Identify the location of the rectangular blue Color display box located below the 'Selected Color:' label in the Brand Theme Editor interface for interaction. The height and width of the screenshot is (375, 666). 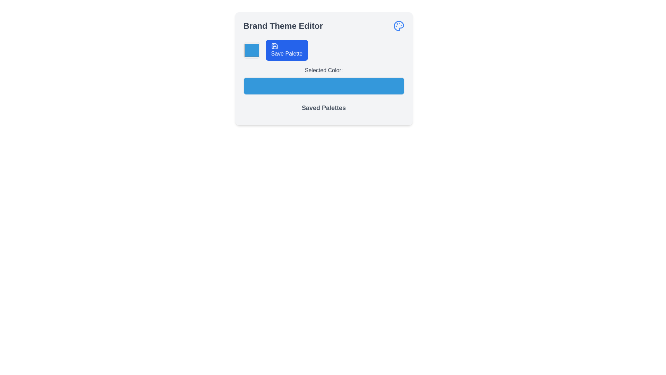
(323, 92).